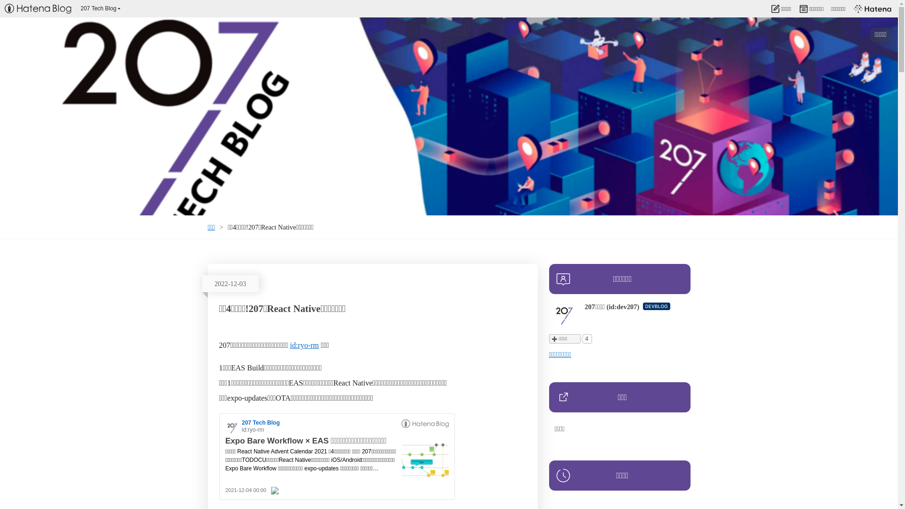  I want to click on '2022-12-03', so click(230, 283).